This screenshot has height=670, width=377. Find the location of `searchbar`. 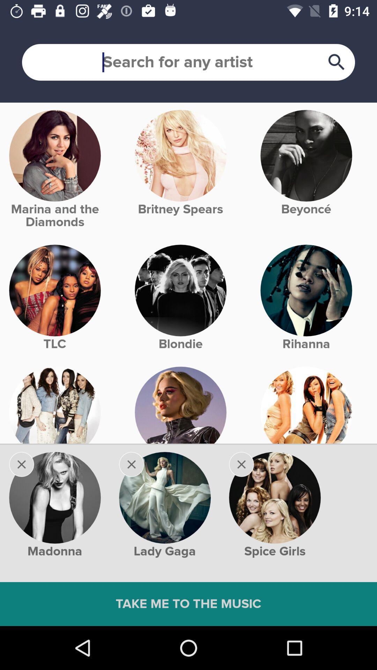

searchbar is located at coordinates (188, 62).